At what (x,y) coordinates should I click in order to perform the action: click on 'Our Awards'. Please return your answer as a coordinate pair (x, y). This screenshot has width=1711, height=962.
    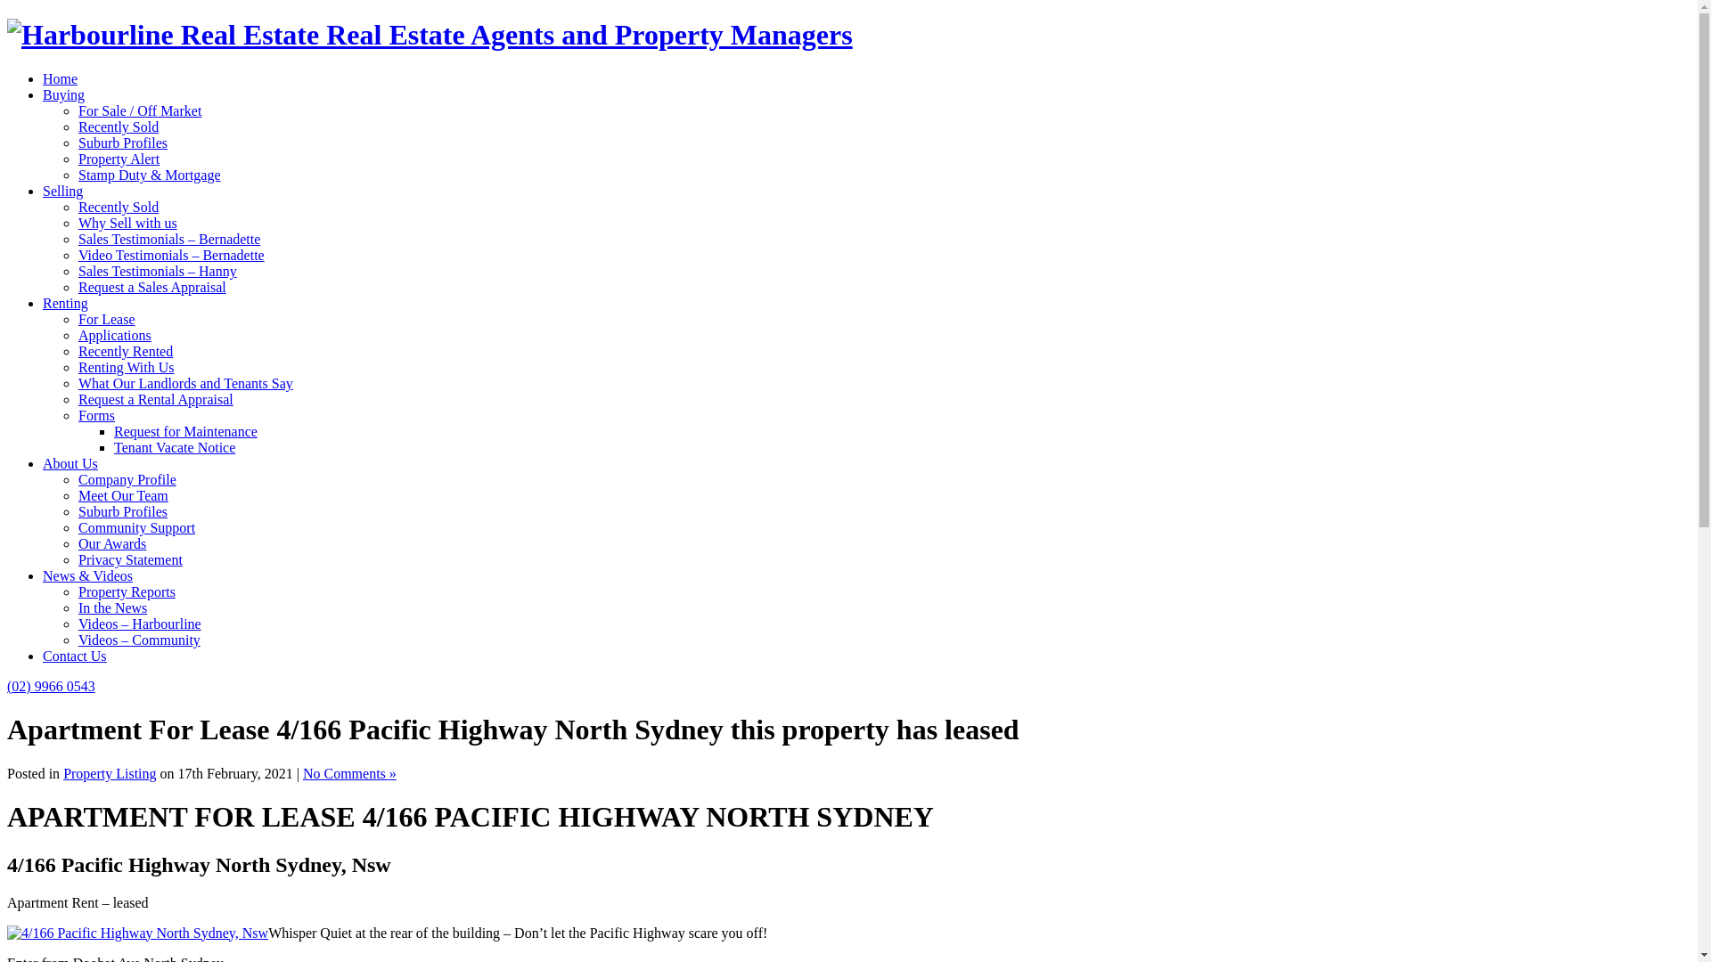
    Looking at the image, I should click on (111, 542).